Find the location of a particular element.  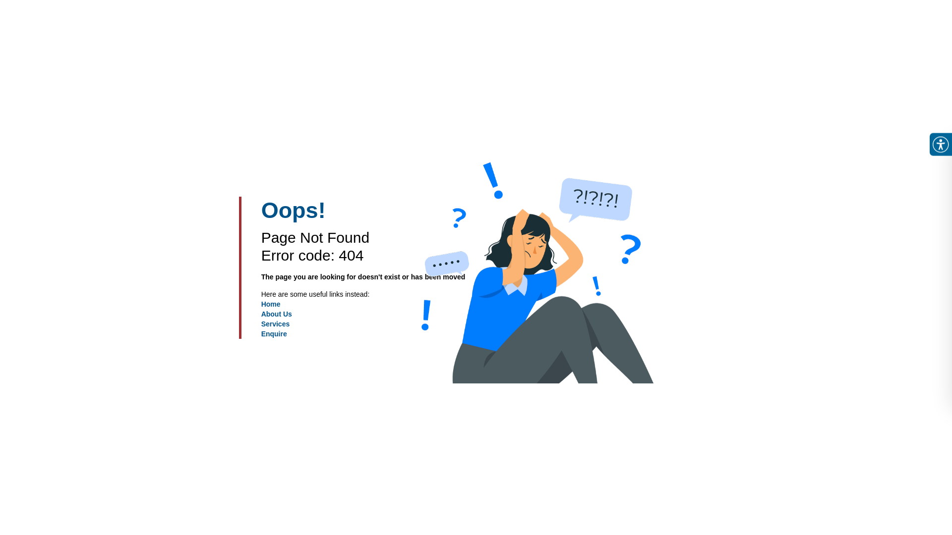

'Enquire' is located at coordinates (274, 334).